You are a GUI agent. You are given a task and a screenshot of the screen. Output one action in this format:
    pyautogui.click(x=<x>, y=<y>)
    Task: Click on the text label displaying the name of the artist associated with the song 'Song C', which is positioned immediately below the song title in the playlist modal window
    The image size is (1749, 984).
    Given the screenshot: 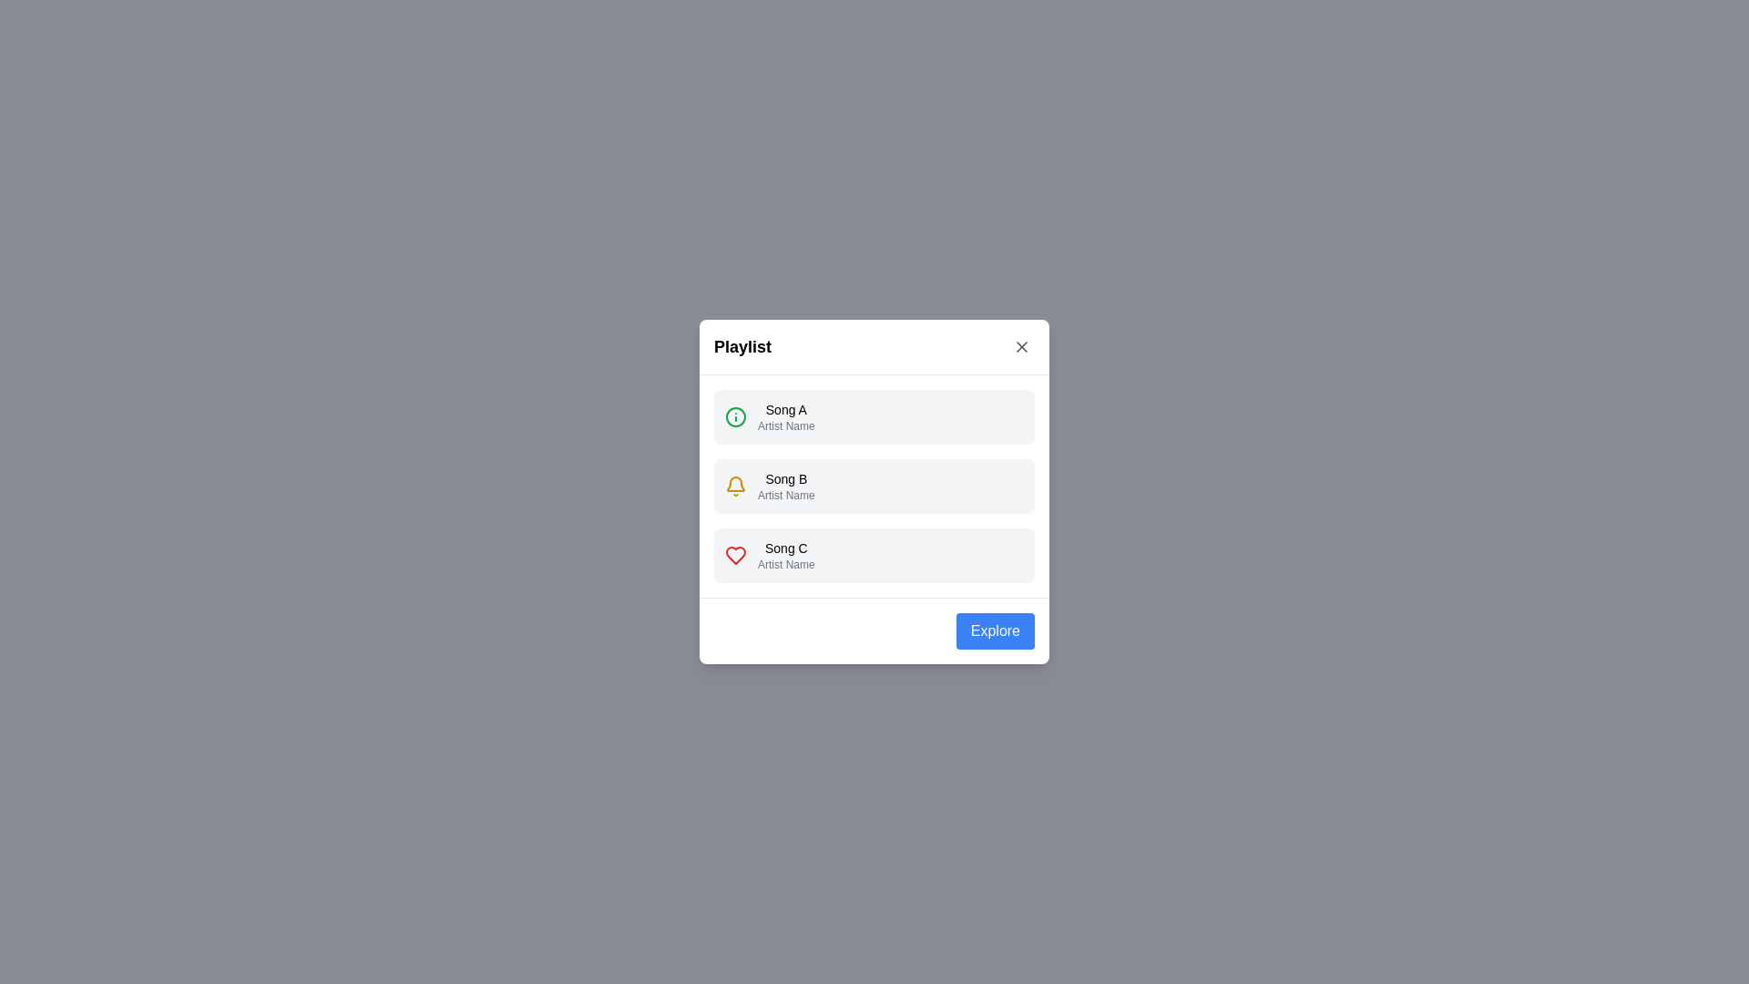 What is the action you would take?
    pyautogui.click(x=786, y=564)
    